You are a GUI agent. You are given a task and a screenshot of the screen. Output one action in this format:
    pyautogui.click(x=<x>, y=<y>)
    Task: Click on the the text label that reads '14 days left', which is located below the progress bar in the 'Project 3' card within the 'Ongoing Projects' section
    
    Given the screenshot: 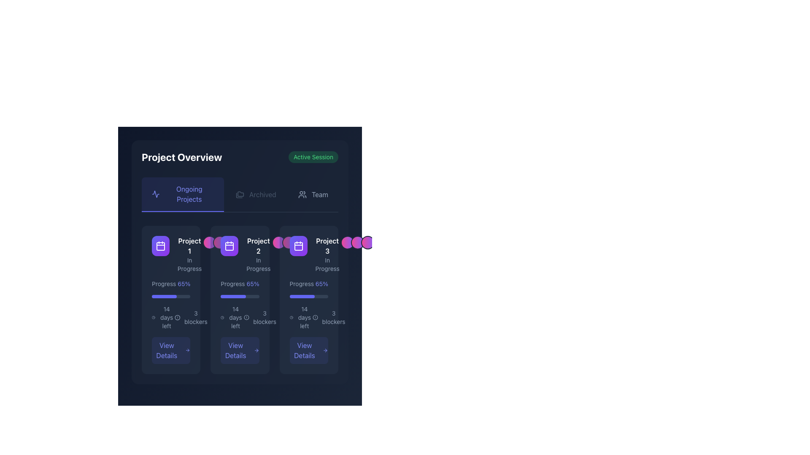 What is the action you would take?
    pyautogui.click(x=304, y=317)
    